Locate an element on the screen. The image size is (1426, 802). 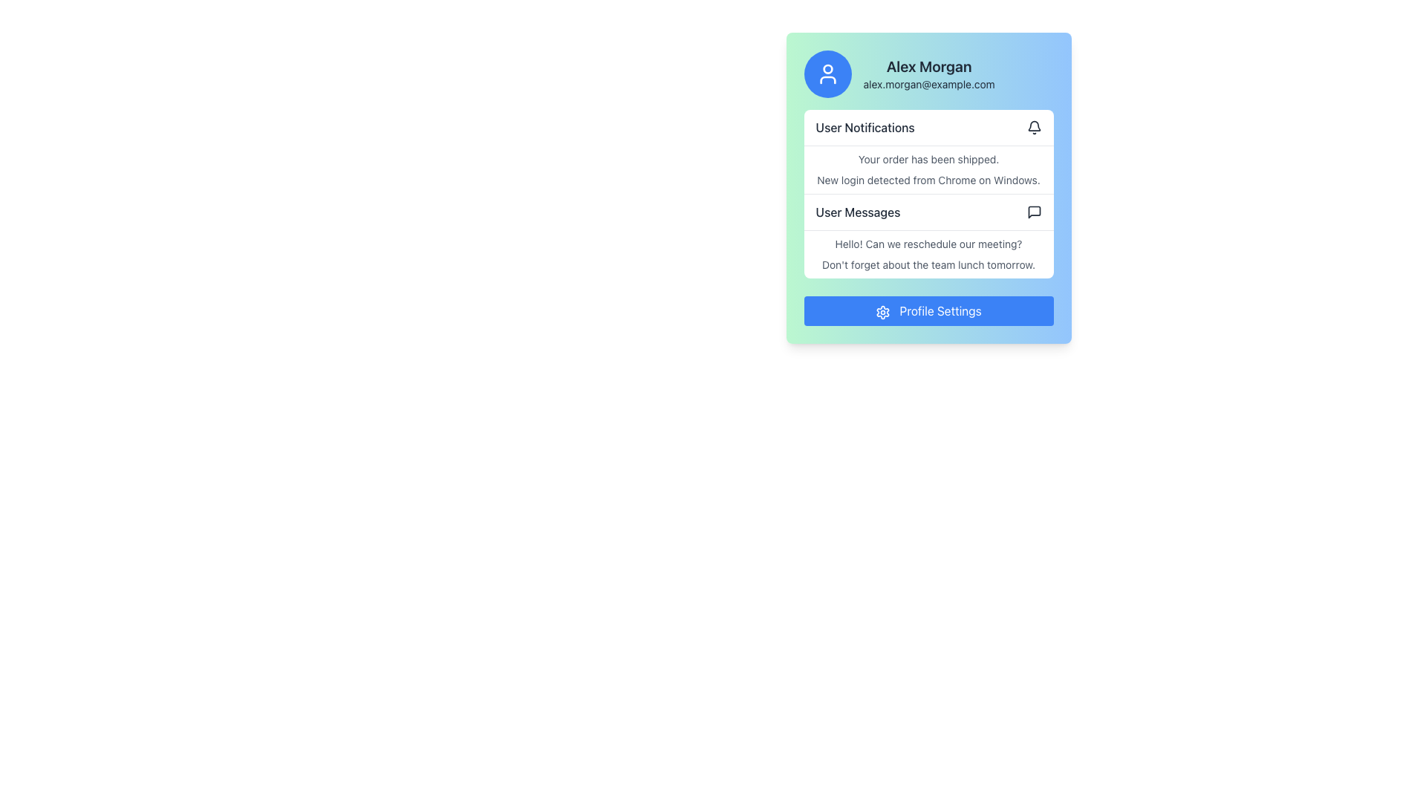
the text label displaying 'alex.morgan@example.com', which is styled in a smaller font and positioned beneath 'Alex Morgan' on the card interface is located at coordinates (928, 85).